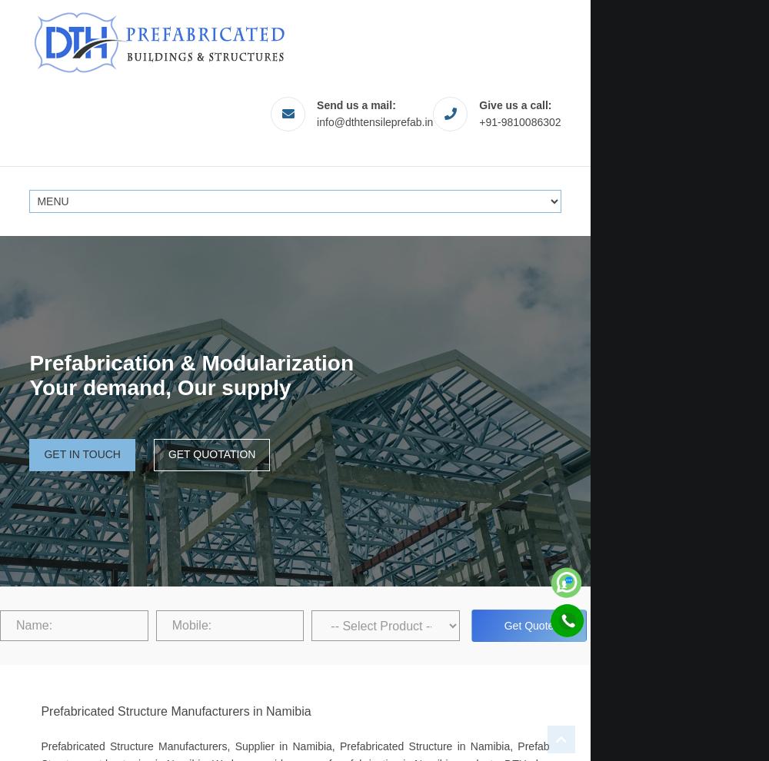 The width and height of the screenshot is (769, 761). What do you see at coordinates (191, 363) in the screenshot?
I see `'Prefabrication & Modularization'` at bounding box center [191, 363].